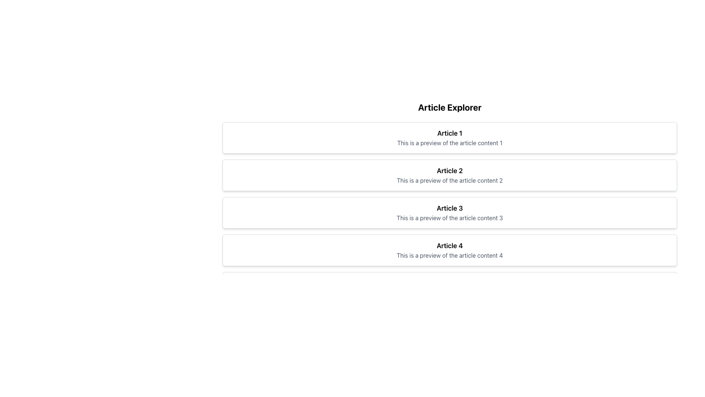 This screenshot has height=397, width=705. I want to click on text content of the Informative Card displaying the article titled 'Article 3', which is the third card in the vertical stack of articles, so click(449, 212).